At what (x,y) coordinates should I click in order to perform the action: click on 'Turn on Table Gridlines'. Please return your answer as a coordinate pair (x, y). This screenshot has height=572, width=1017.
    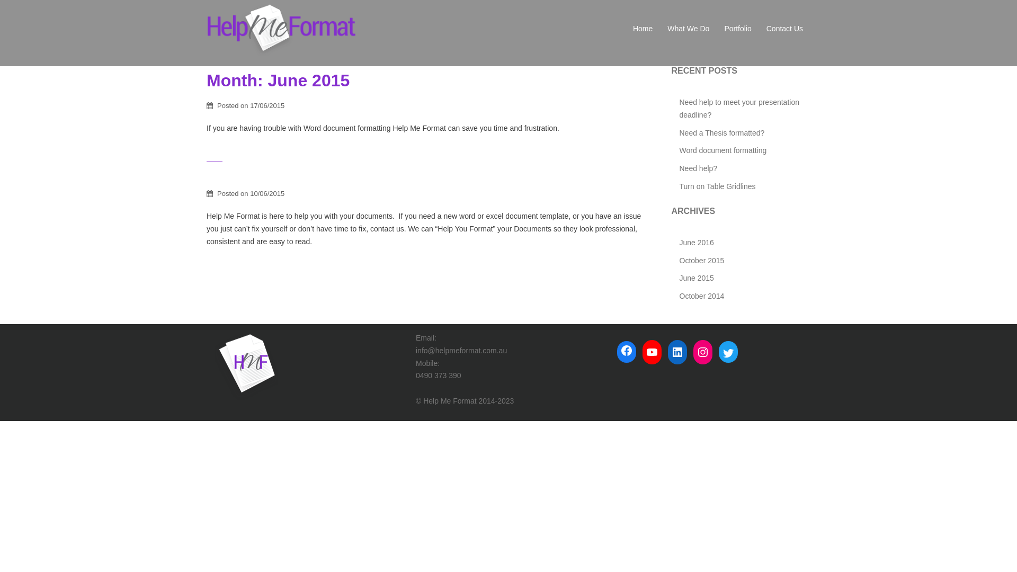
    Looking at the image, I should click on (717, 185).